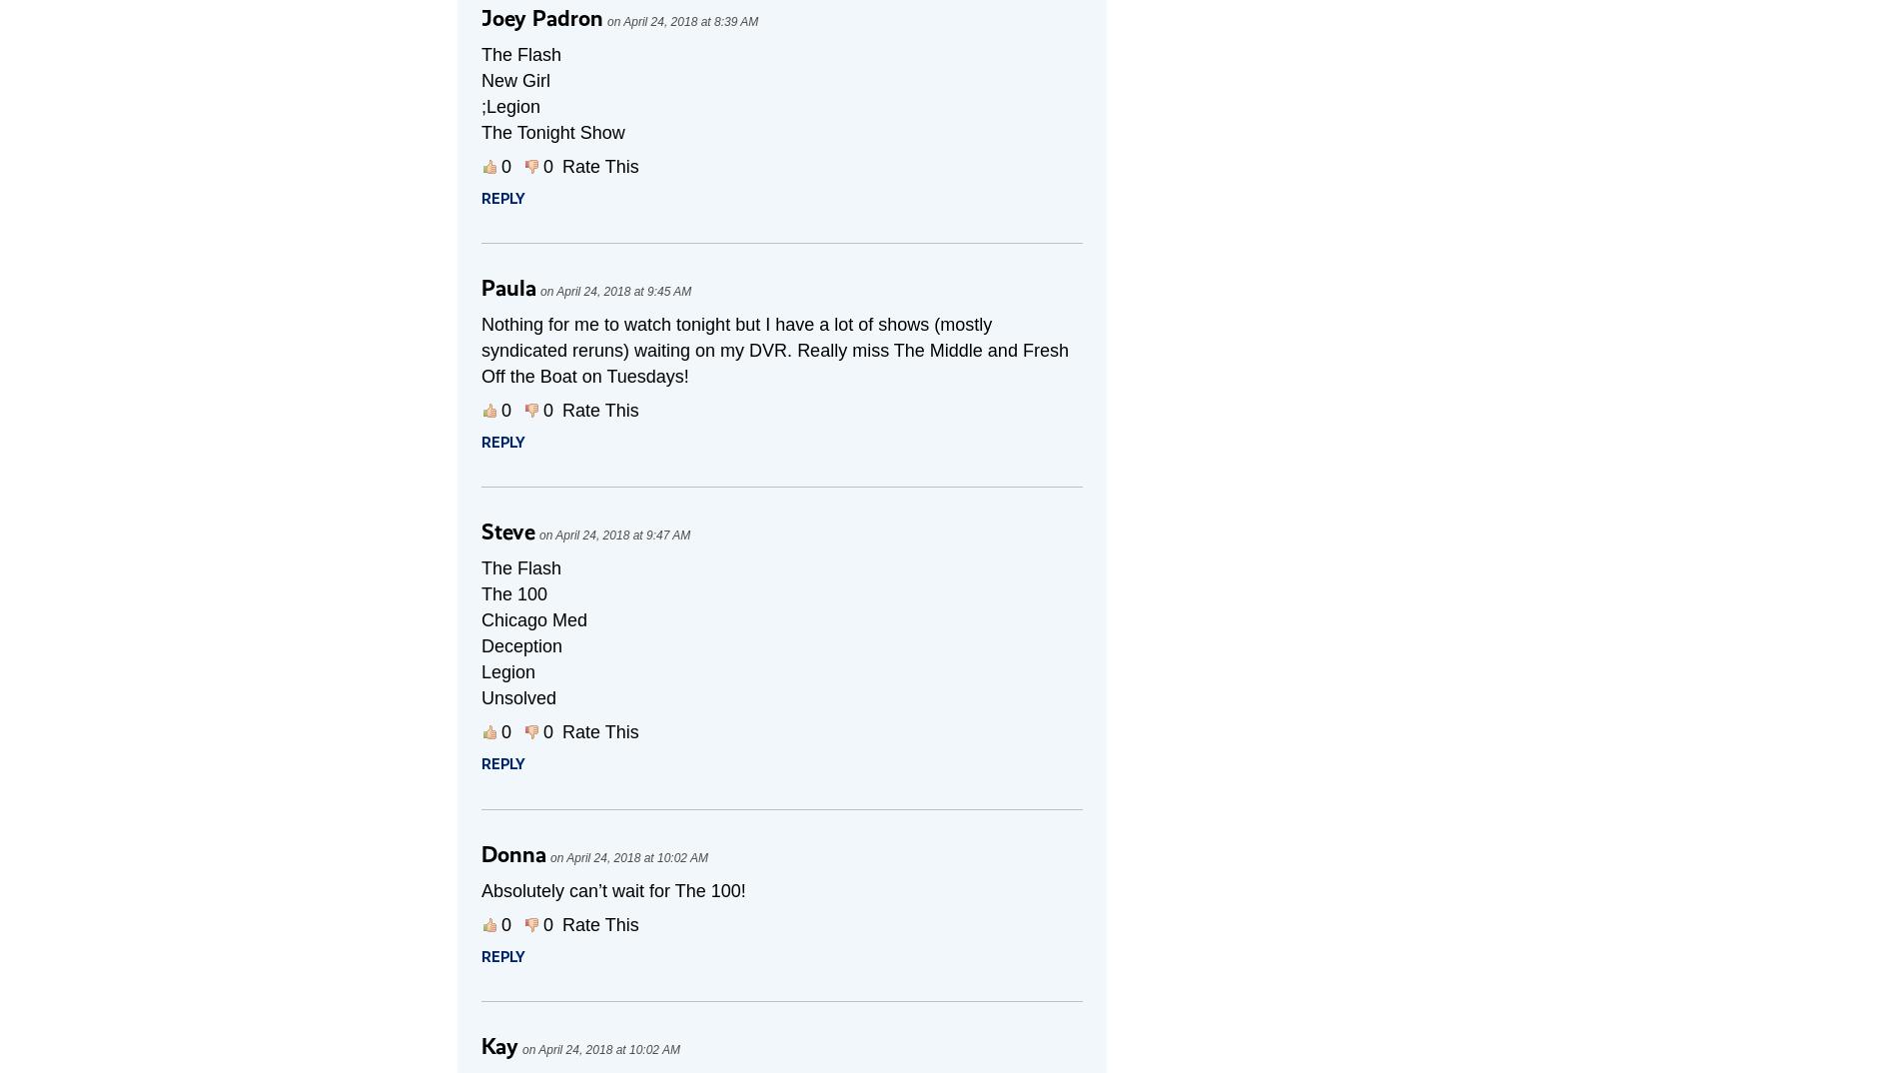 This screenshot has height=1073, width=1898. I want to click on 'Kay', so click(499, 1046).